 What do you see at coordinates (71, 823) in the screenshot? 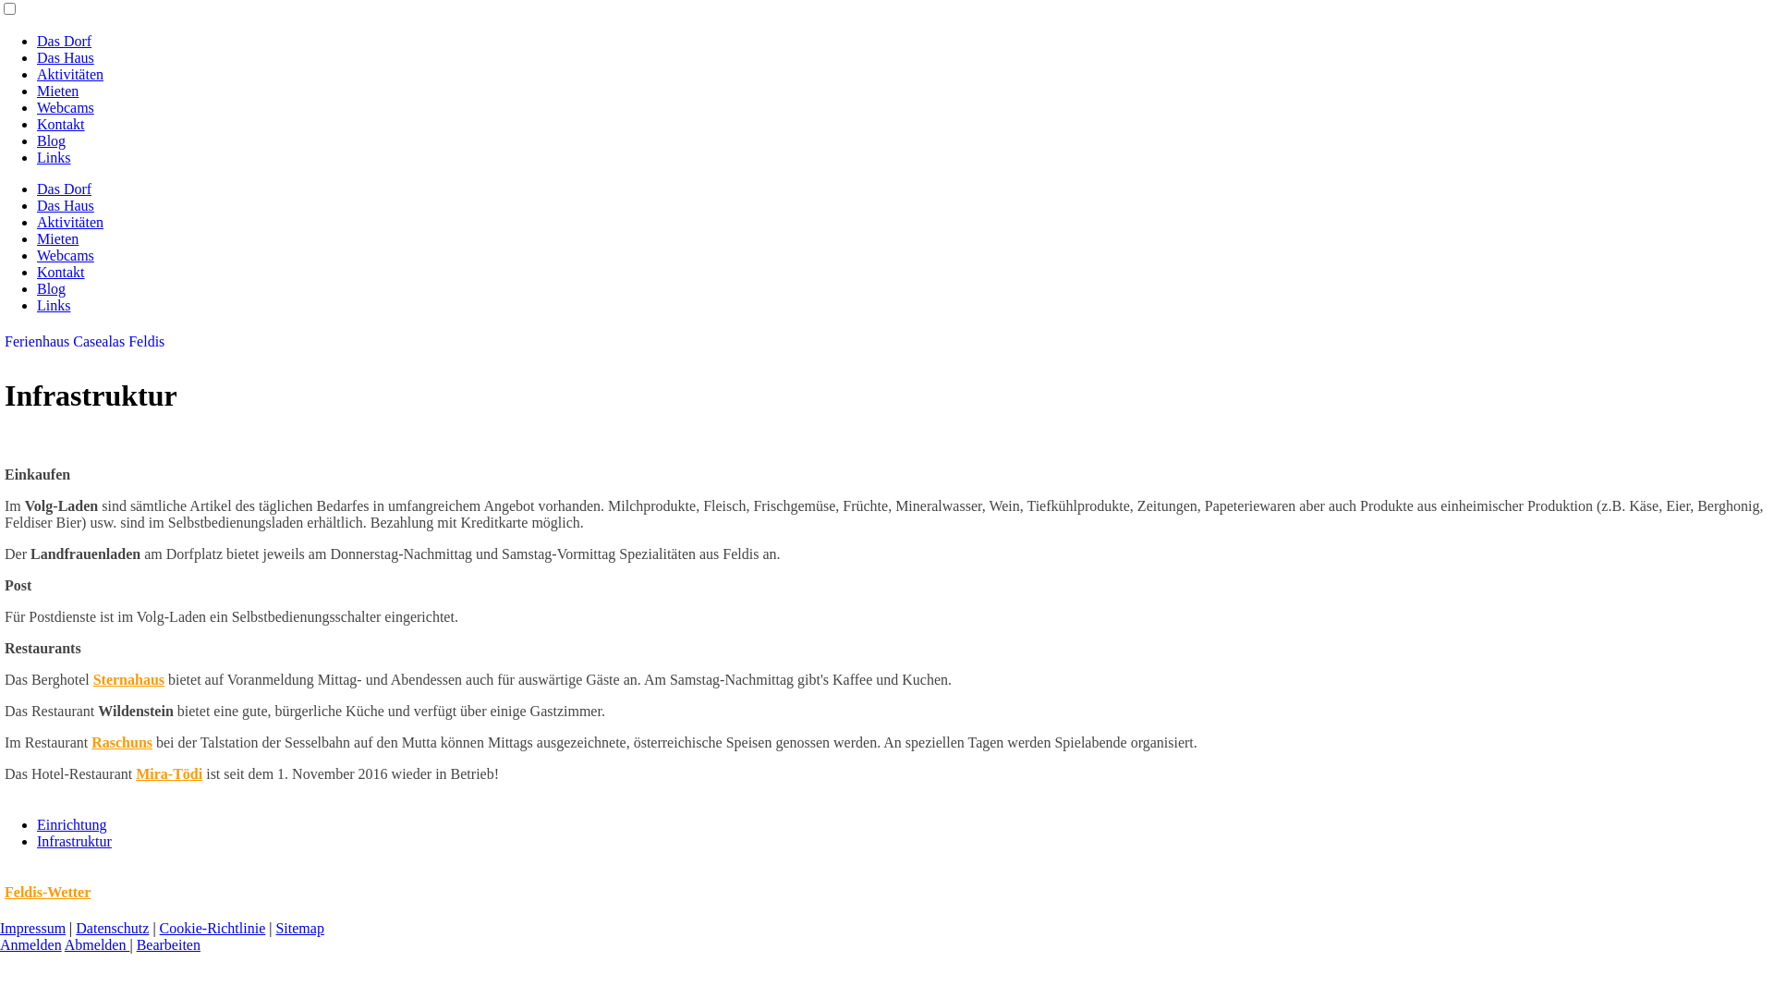
I see `'Einrichtung'` at bounding box center [71, 823].